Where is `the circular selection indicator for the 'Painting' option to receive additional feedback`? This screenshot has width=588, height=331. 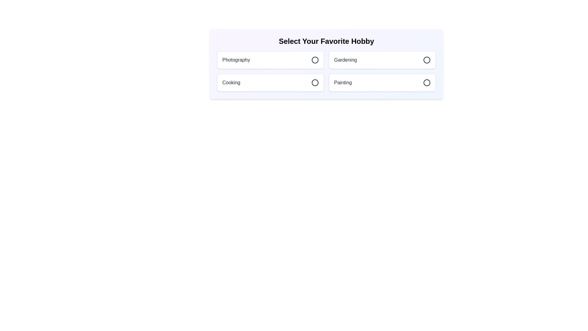
the circular selection indicator for the 'Painting' option to receive additional feedback is located at coordinates (426, 83).